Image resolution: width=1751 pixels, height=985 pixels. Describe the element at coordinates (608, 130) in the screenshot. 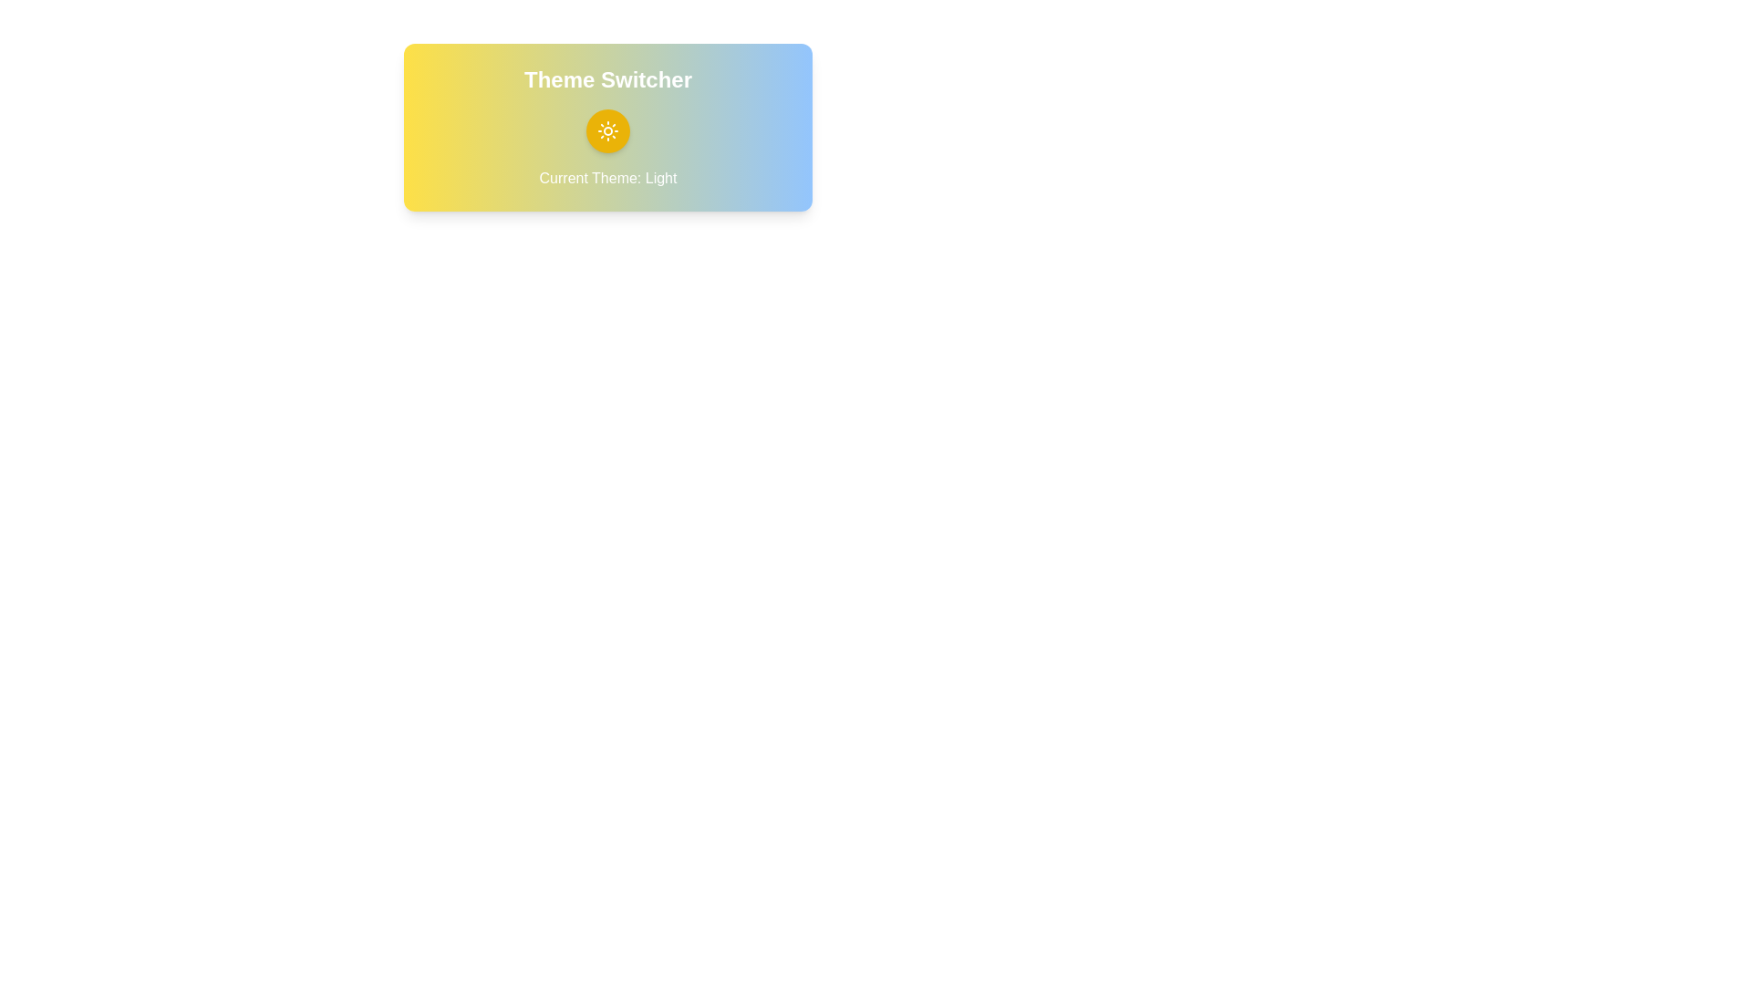

I see `the circular A button with a yellow background and a white sun icon` at that location.